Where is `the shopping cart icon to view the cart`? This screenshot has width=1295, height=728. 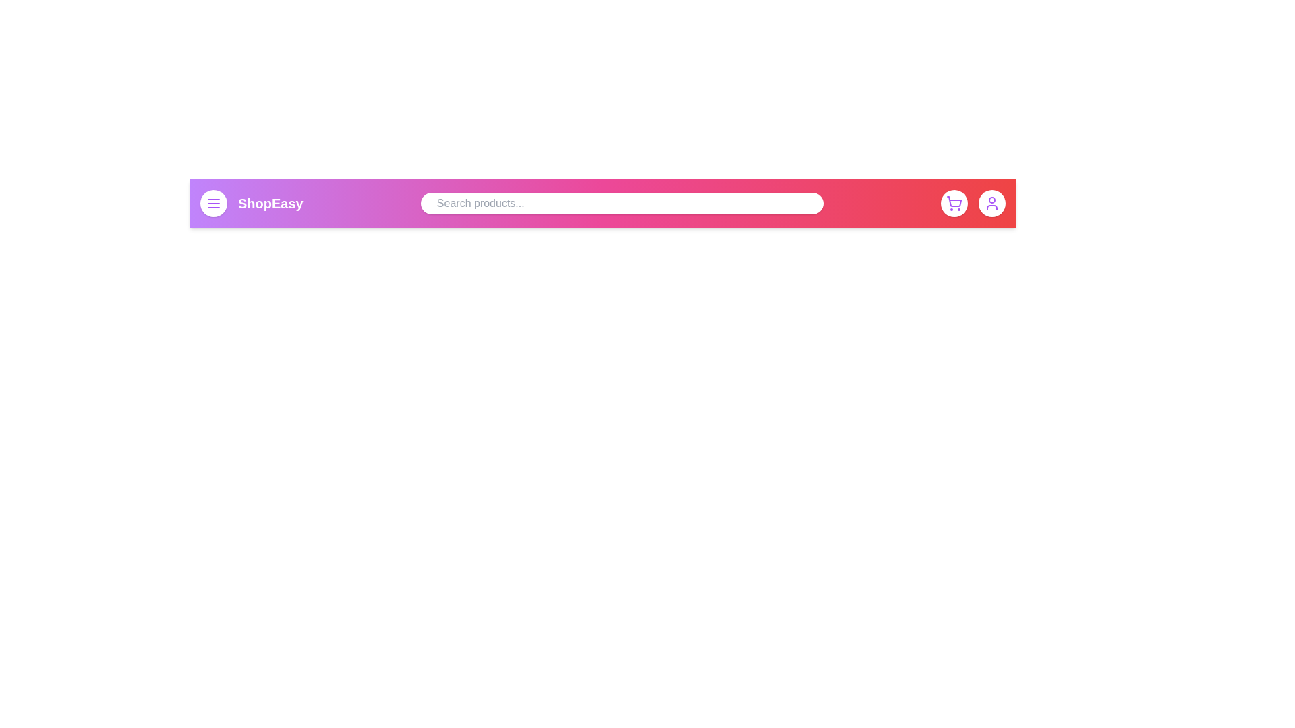
the shopping cart icon to view the cart is located at coordinates (954, 203).